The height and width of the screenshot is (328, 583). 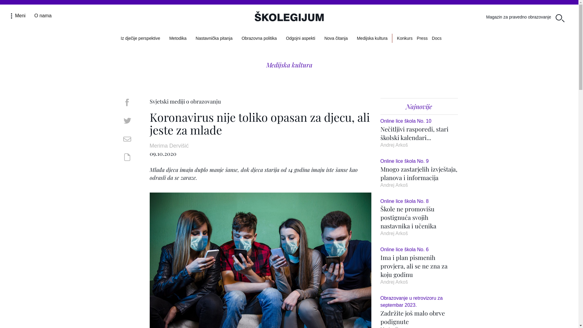 What do you see at coordinates (259, 38) in the screenshot?
I see `'Obrazovna politika'` at bounding box center [259, 38].